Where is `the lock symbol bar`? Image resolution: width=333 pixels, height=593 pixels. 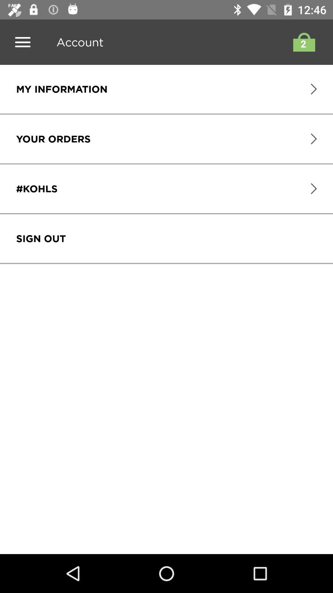 the lock symbol bar is located at coordinates (302, 42).